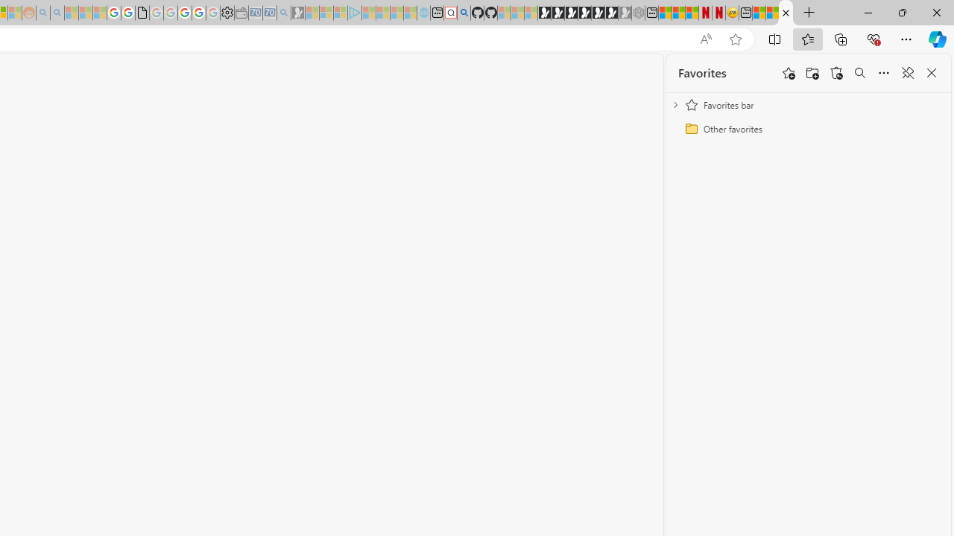 The width and height of the screenshot is (954, 536). What do you see at coordinates (463, 13) in the screenshot?
I see `'github - Search'` at bounding box center [463, 13].